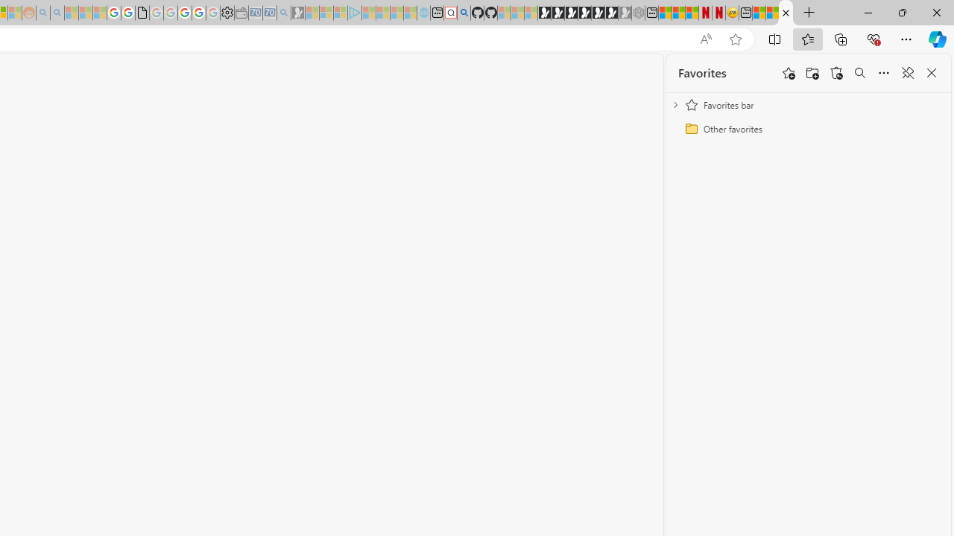 The width and height of the screenshot is (954, 536). What do you see at coordinates (463, 13) in the screenshot?
I see `'github - Search'` at bounding box center [463, 13].